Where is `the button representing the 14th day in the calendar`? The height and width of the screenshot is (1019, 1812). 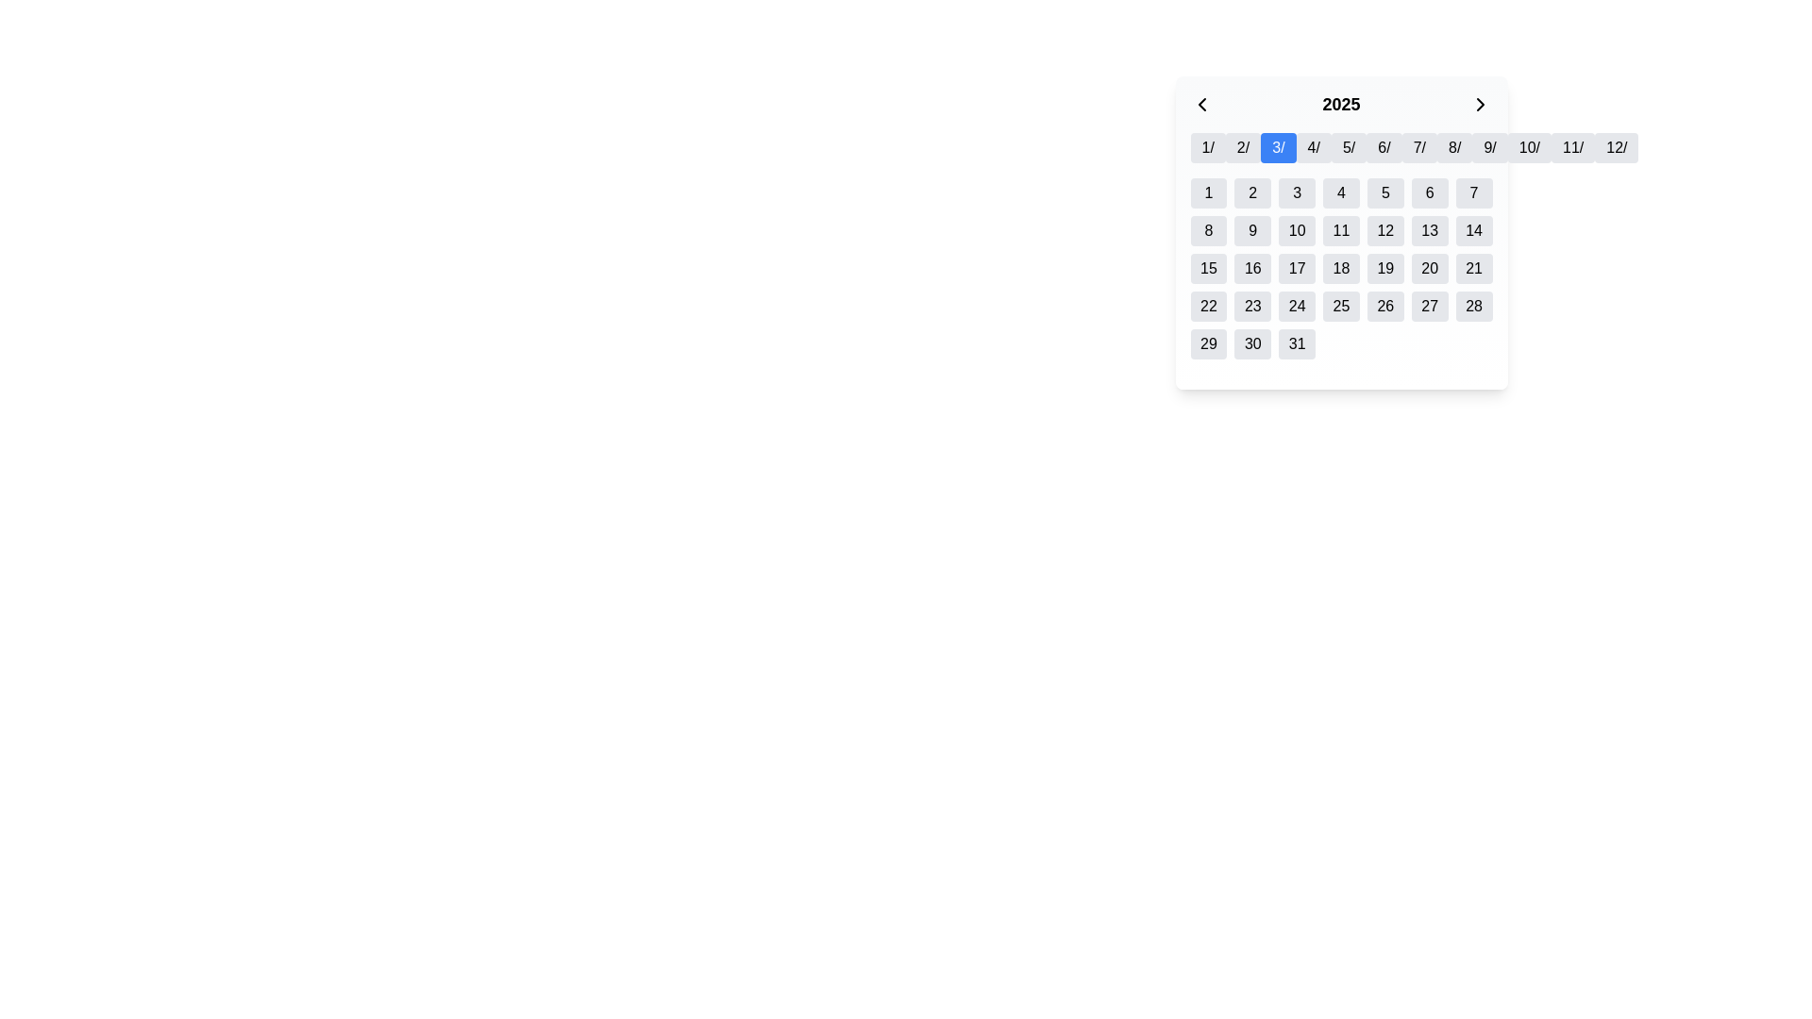
the button representing the 14th day in the calendar is located at coordinates (1473, 230).